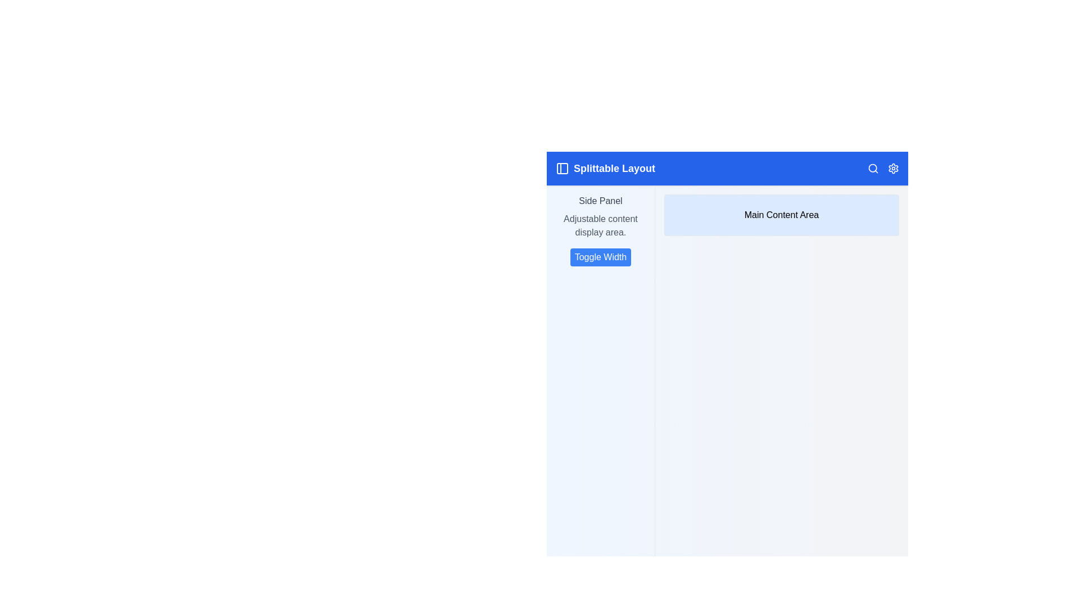 The height and width of the screenshot is (607, 1079). Describe the element at coordinates (892, 169) in the screenshot. I see `the settings button, which is the last icon in the top right corner of the interface` at that location.